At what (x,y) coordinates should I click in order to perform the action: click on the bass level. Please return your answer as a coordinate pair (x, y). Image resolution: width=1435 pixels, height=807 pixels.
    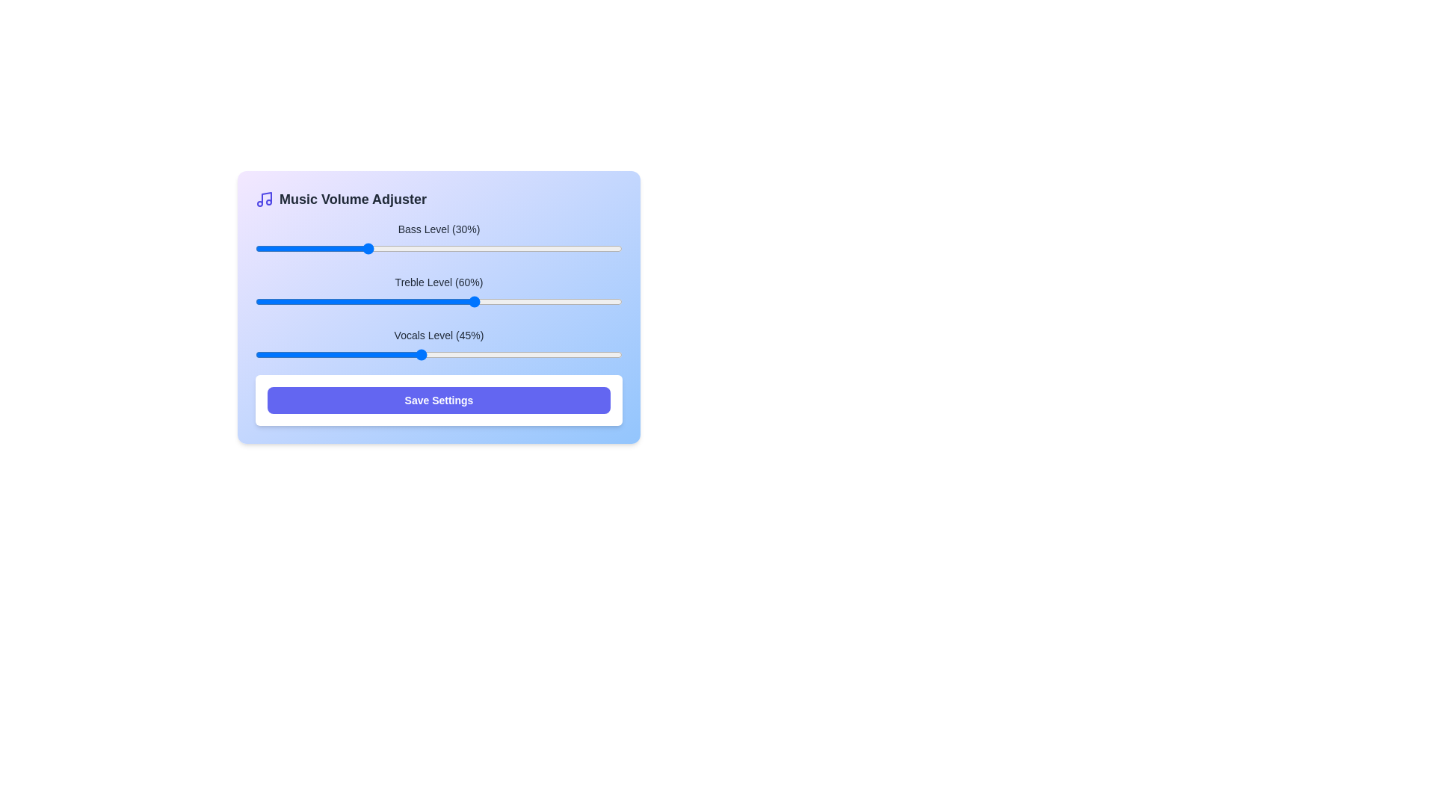
    Looking at the image, I should click on (527, 247).